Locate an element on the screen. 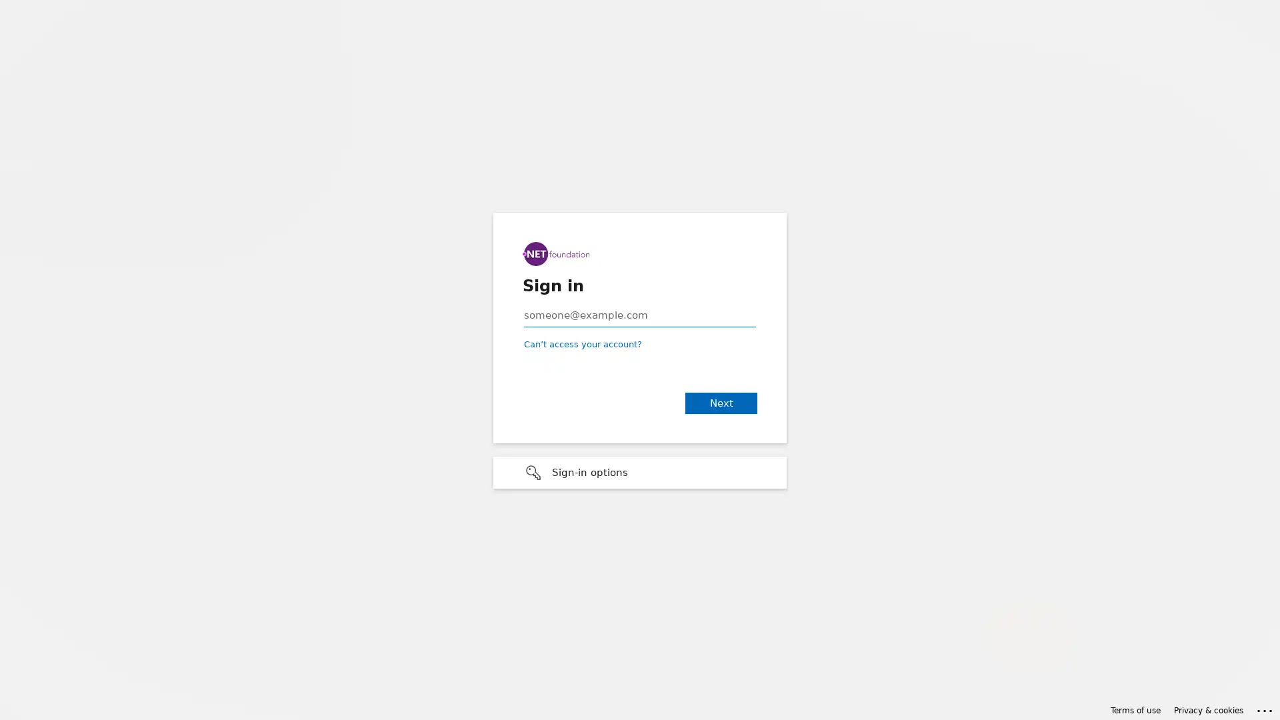 This screenshot has width=1280, height=720. Next is located at coordinates (720, 403).